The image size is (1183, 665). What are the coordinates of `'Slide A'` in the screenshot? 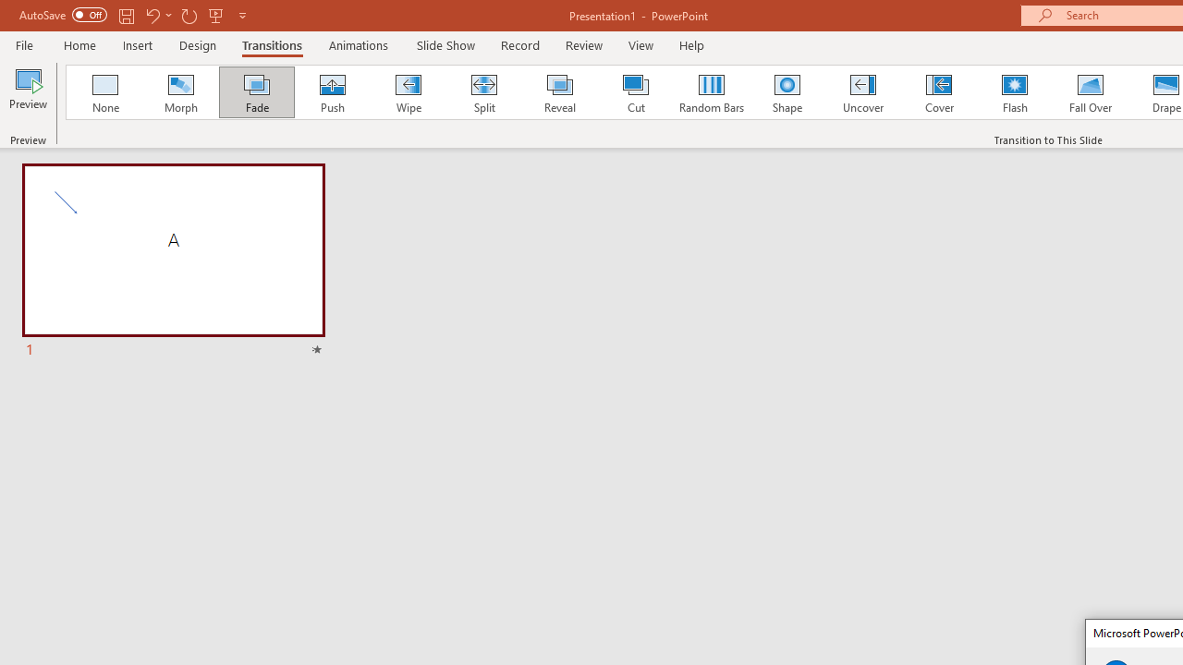 It's located at (173, 262).